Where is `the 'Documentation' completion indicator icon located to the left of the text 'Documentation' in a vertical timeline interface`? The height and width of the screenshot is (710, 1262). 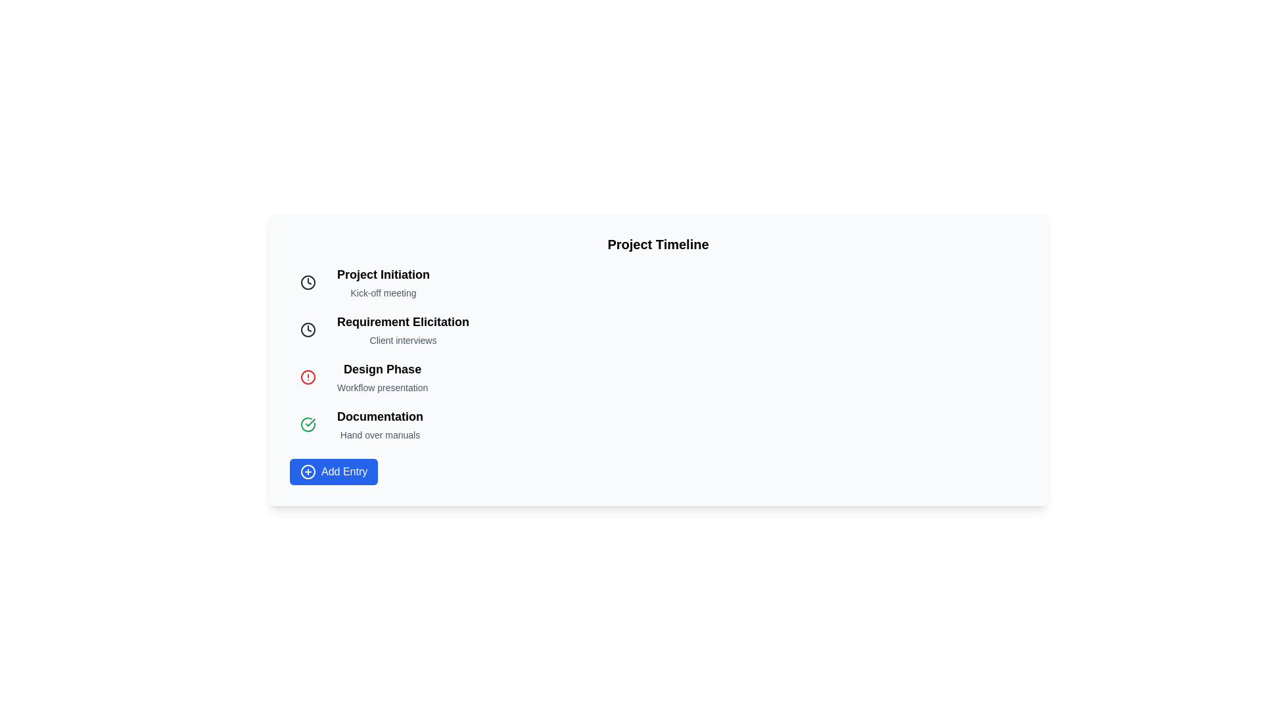
the 'Documentation' completion indicator icon located to the left of the text 'Documentation' in a vertical timeline interface is located at coordinates (308, 424).